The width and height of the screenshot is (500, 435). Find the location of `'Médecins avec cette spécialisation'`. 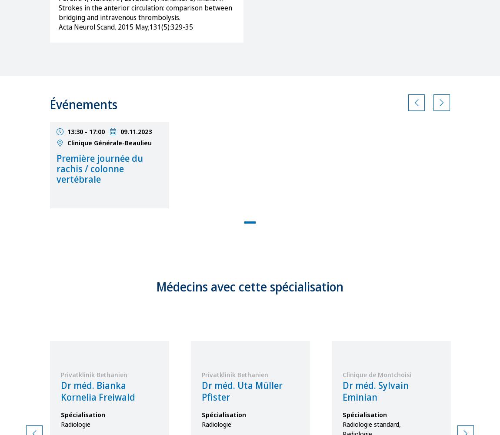

'Médecins avec cette spécialisation' is located at coordinates (250, 287).